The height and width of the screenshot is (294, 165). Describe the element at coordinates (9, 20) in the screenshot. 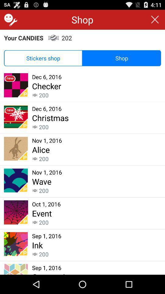

I see `item to the left of shop` at that location.